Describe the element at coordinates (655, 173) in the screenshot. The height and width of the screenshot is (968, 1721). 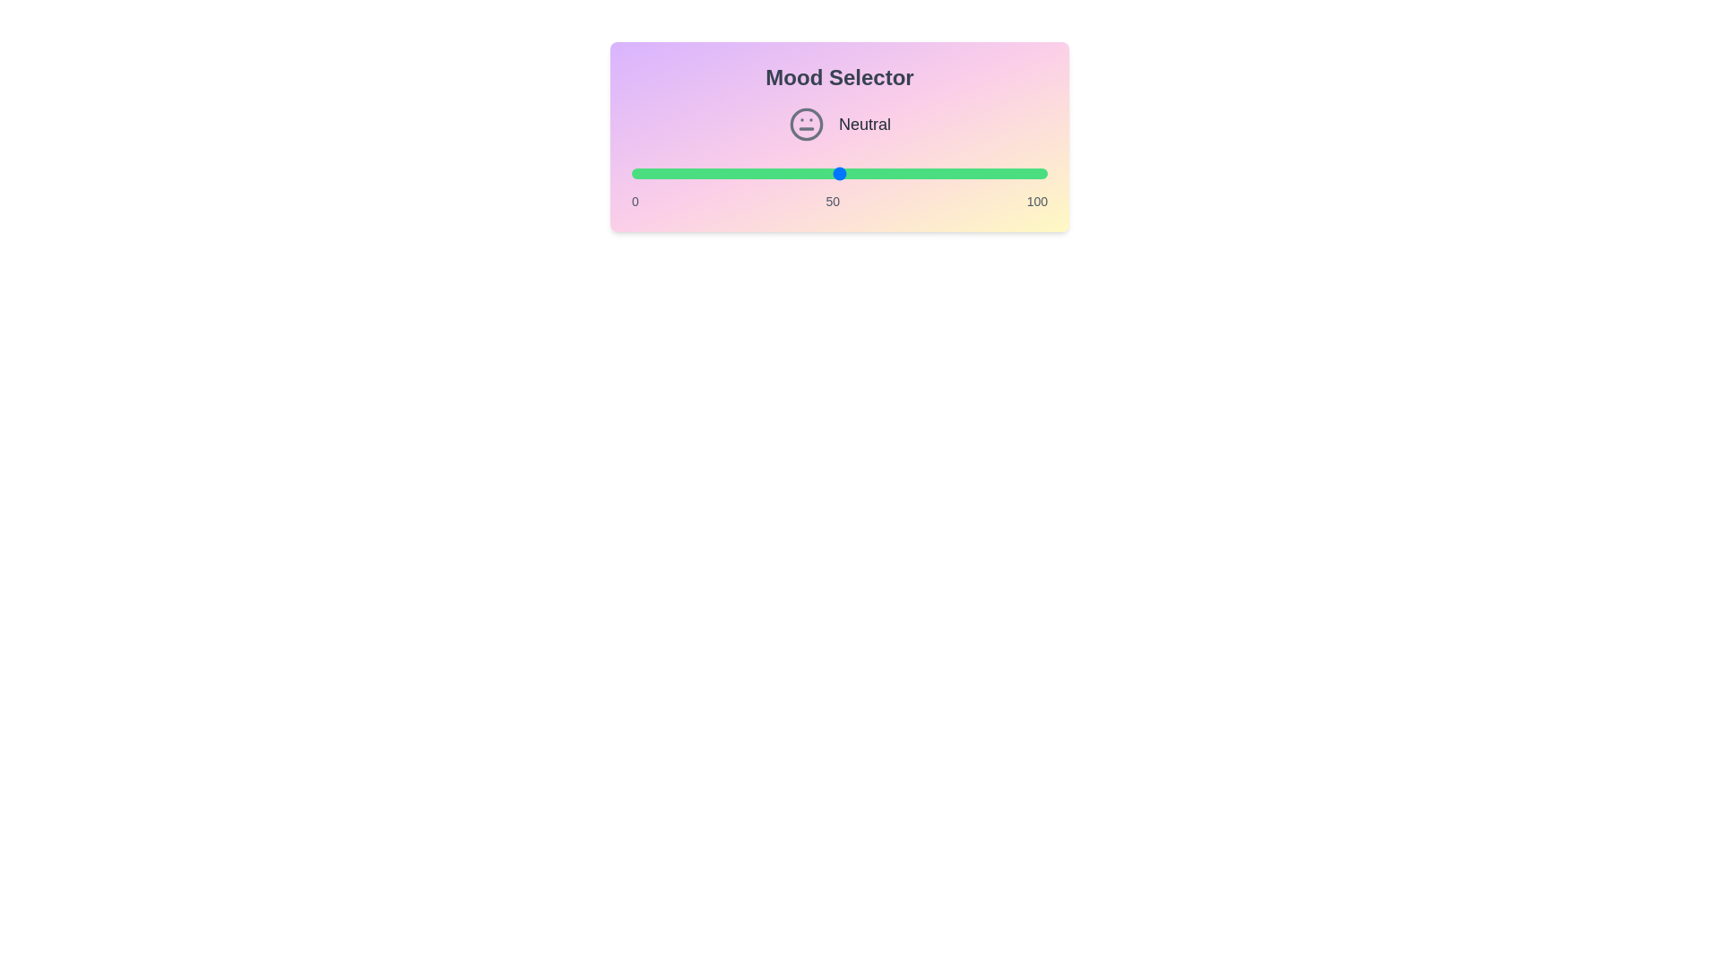
I see `the slider to set the mood value to 6` at that location.